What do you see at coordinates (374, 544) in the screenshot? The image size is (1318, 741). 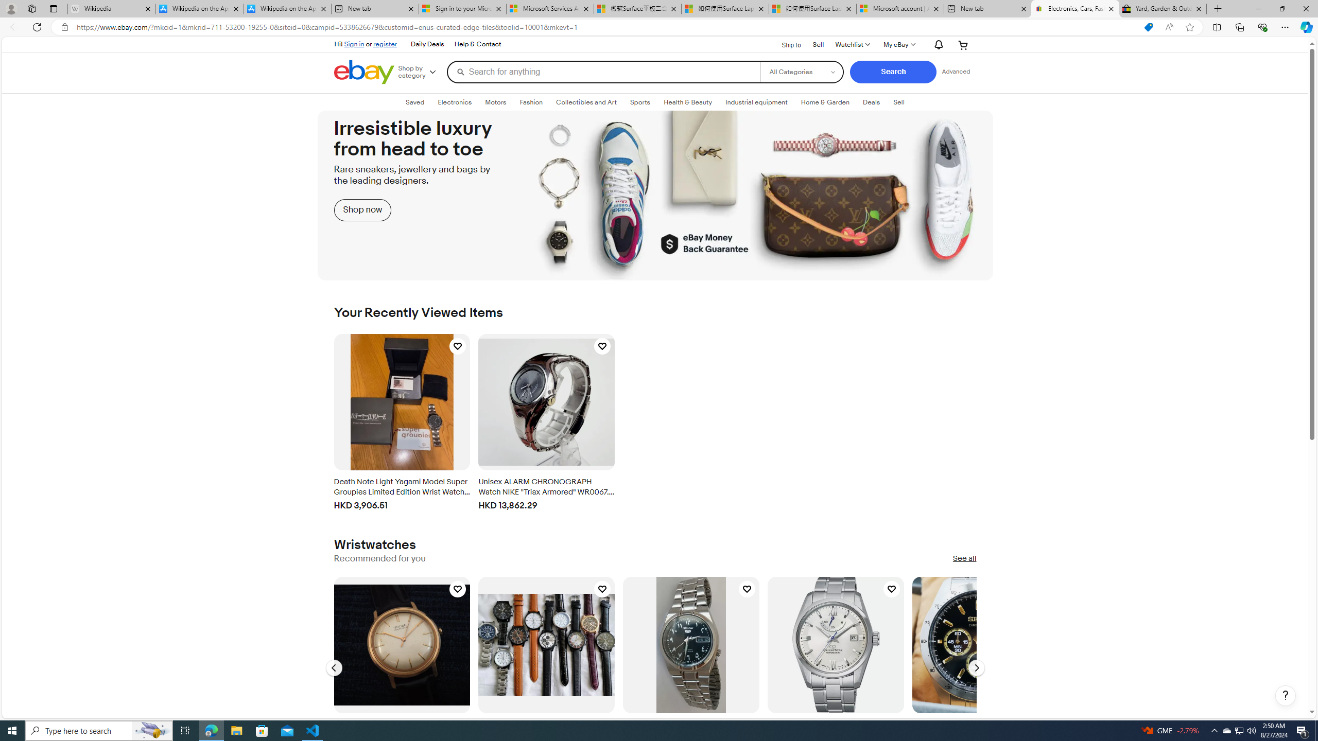 I see `'Wristwatches'` at bounding box center [374, 544].